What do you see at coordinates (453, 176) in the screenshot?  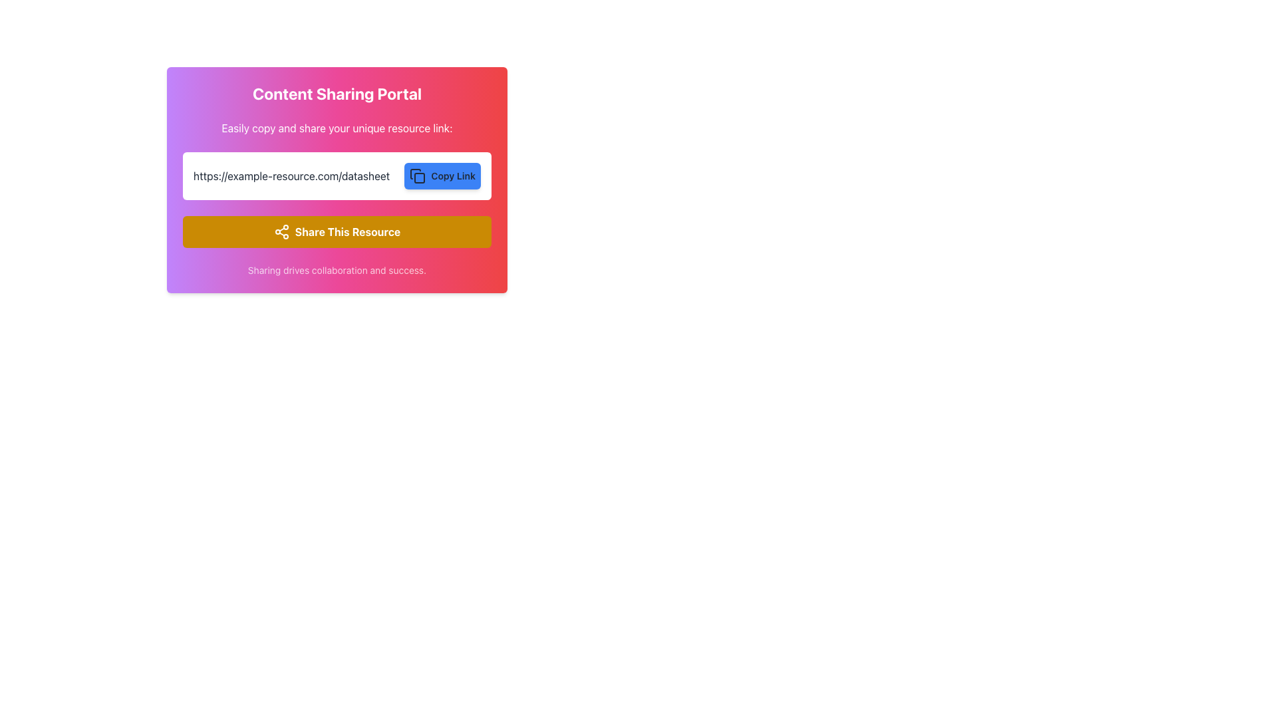 I see `the 'Copy Link' text label which is styled with a bold font and has a blue background, located inside a blue button to the right of a URL input field` at bounding box center [453, 176].